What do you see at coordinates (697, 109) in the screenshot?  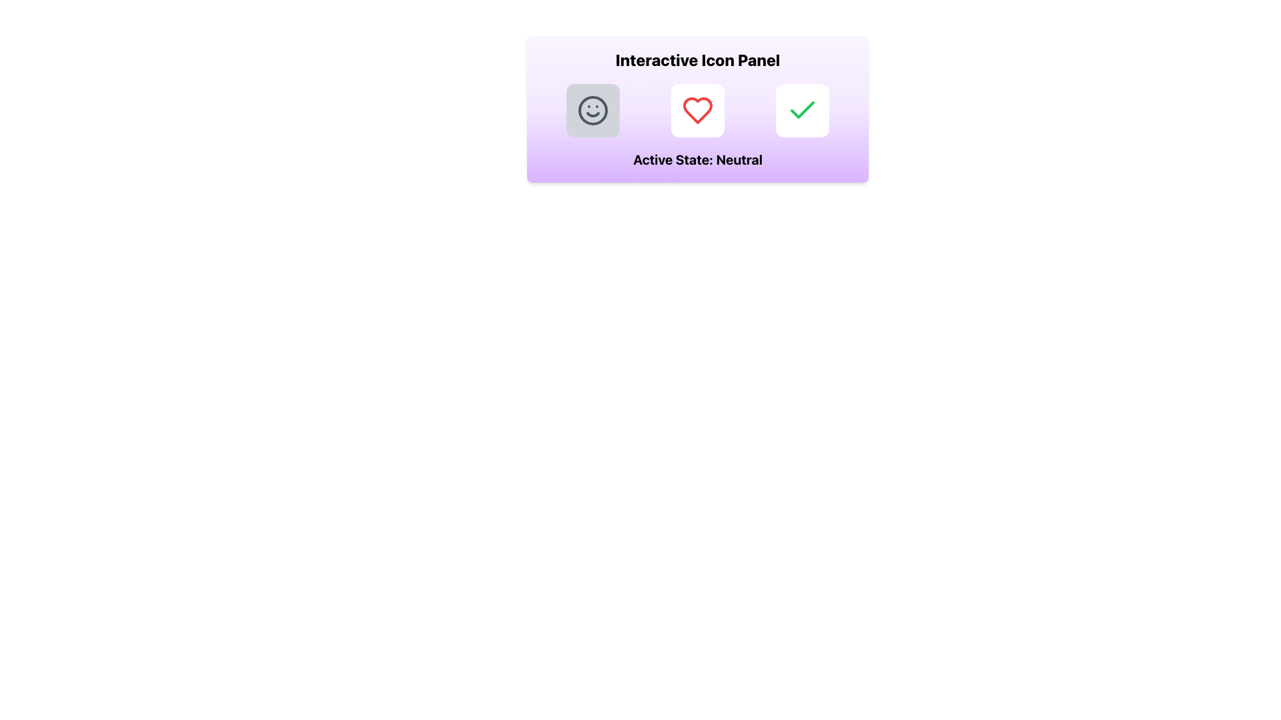 I see `the square button with rounded corners, featuring a white background and a red heart icon, positioned between the gray-smiley-face button and the green-checkmark button` at bounding box center [697, 109].